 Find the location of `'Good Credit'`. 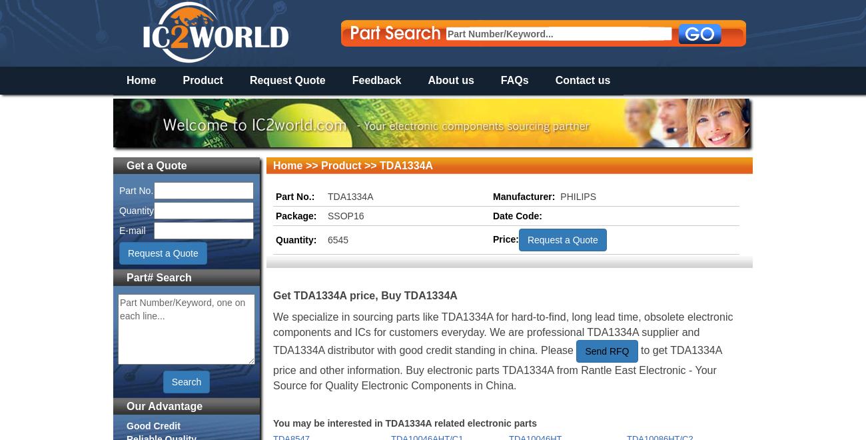

'Good Credit' is located at coordinates (152, 425).